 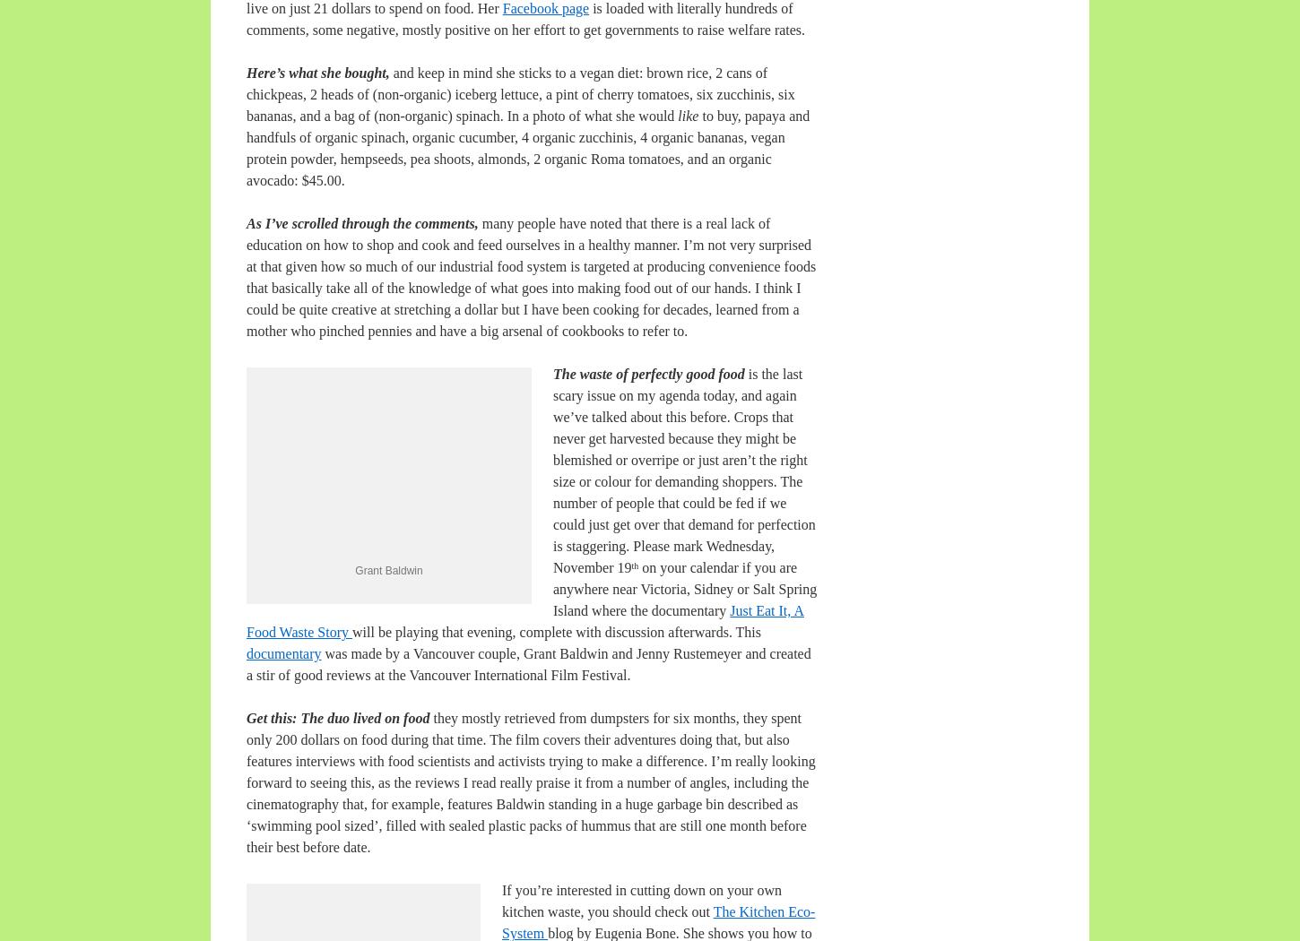 What do you see at coordinates (531, 781) in the screenshot?
I see `'they mostly retrieved from dumpsters for six months, they spent only 200 dollars on food during that time. The film covers their adventures doing that, but also features interviews with food scientists and activists trying to make a difference. I’m really looking forward to seeing this, as the reviews I read really praise it from a number of angles, including the cinematography that, for example, features Baldwin standing in a huge garbage bin described as ‘swimming pool sized’, filled with sealed plastic packs of hummus that are still one month before their best before date.'` at bounding box center [531, 781].